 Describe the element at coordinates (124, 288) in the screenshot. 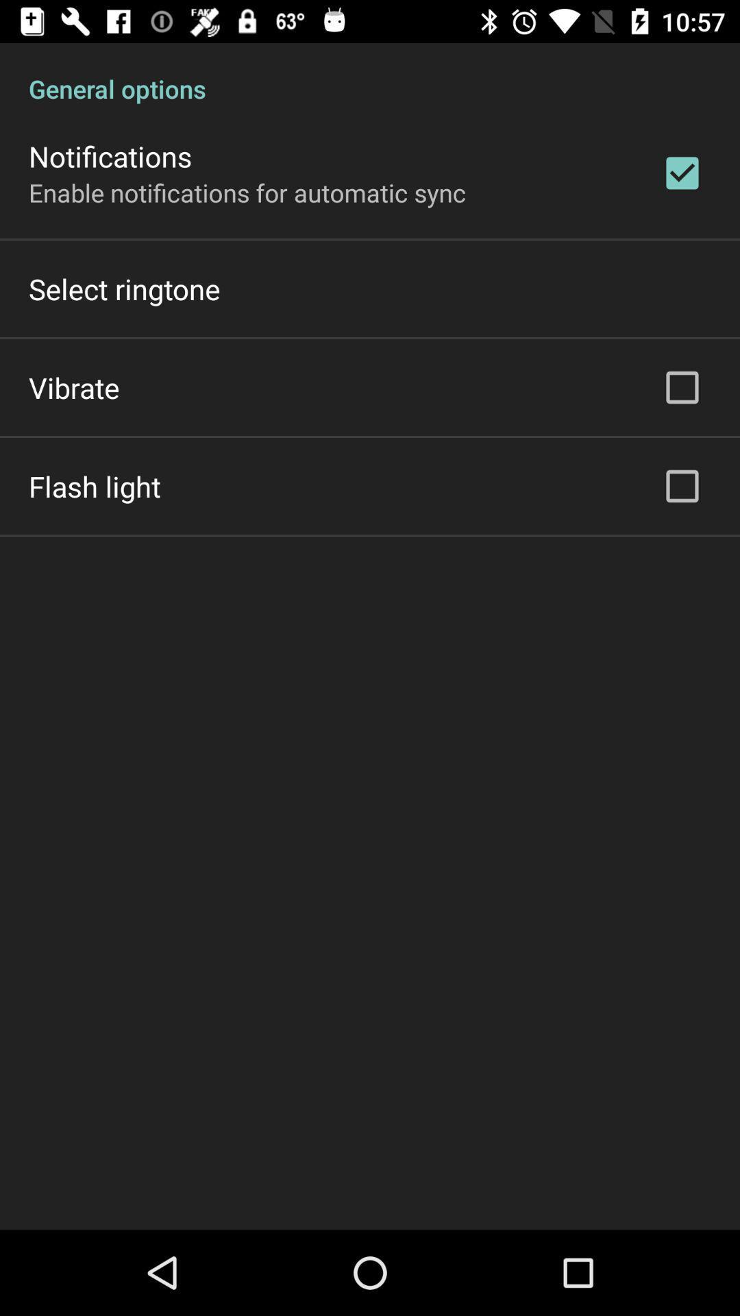

I see `the item above the vibrate icon` at that location.